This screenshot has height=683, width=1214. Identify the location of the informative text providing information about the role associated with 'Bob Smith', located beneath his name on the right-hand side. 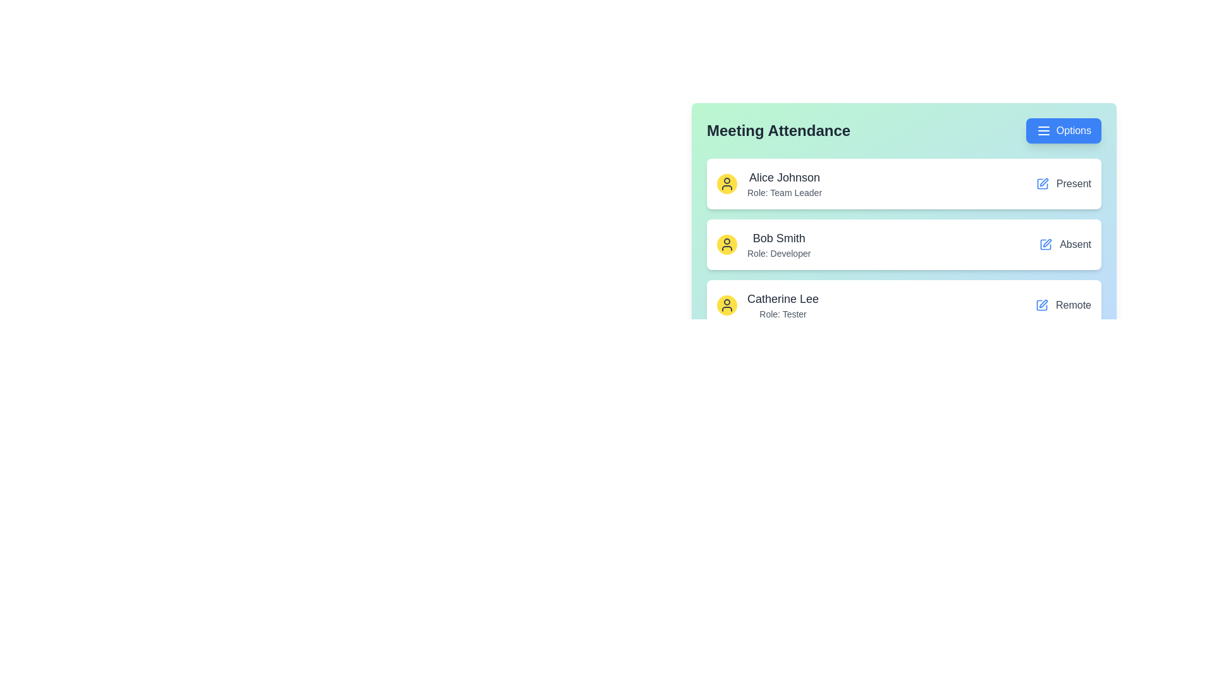
(778, 254).